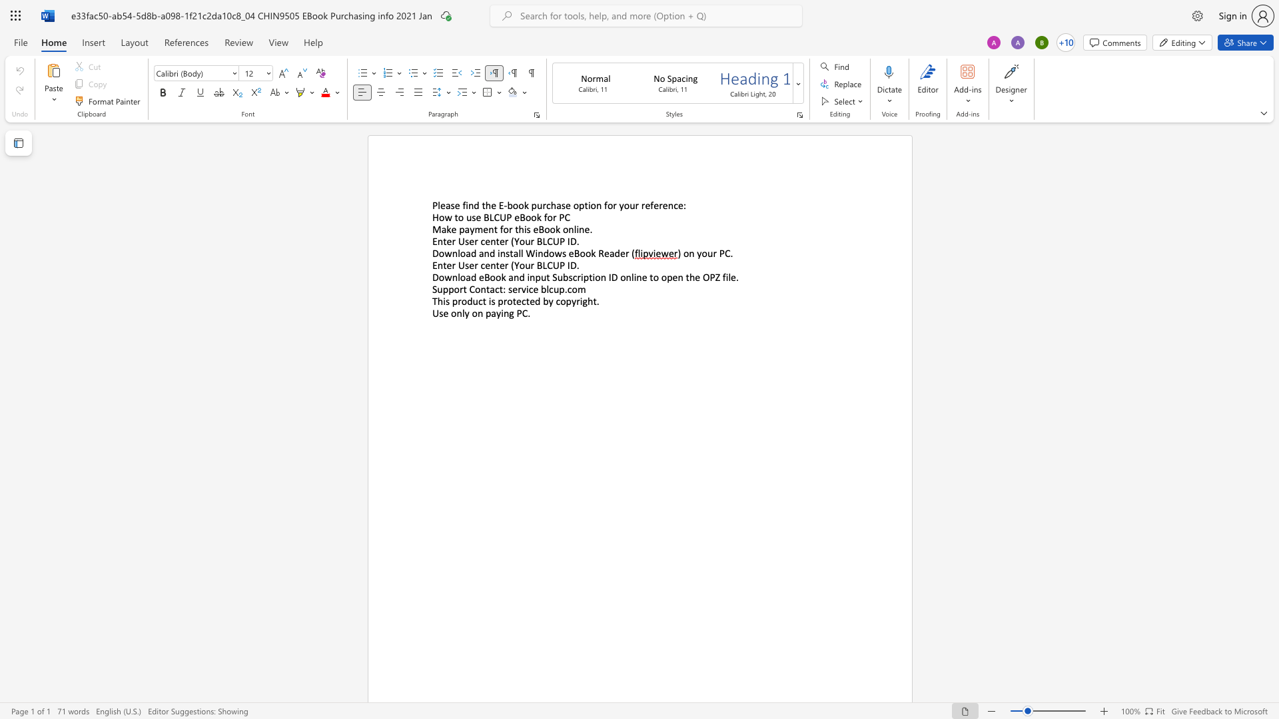 This screenshot has height=719, width=1279. I want to click on the space between the continuous character "B" and "o" in the text, so click(544, 228).